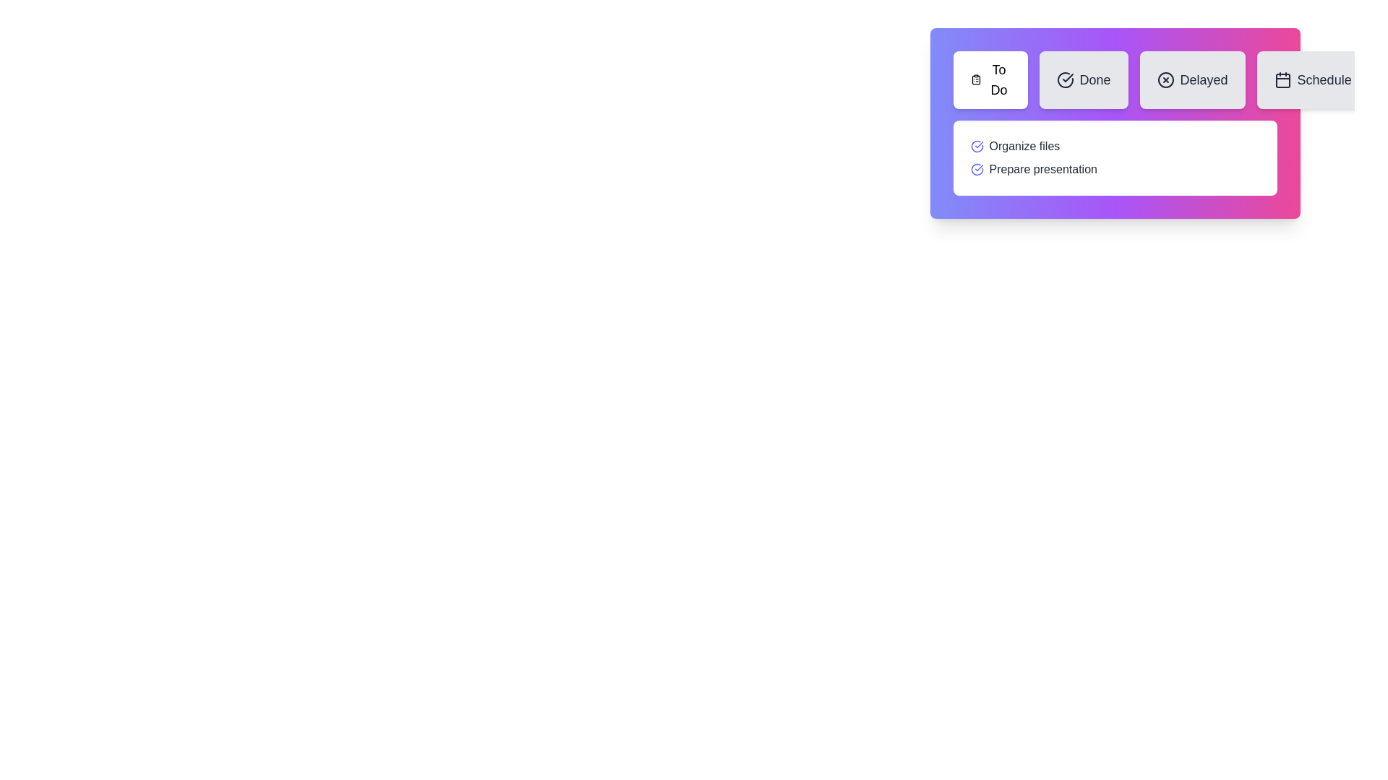  I want to click on the Schedule tab by clicking its respective button, so click(1312, 80).